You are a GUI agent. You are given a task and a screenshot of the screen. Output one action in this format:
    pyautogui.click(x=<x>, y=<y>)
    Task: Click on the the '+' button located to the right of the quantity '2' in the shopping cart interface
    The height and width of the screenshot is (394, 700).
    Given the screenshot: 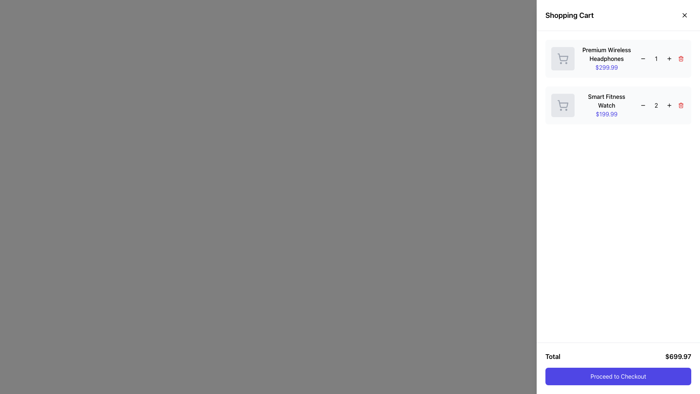 What is the action you would take?
    pyautogui.click(x=669, y=105)
    